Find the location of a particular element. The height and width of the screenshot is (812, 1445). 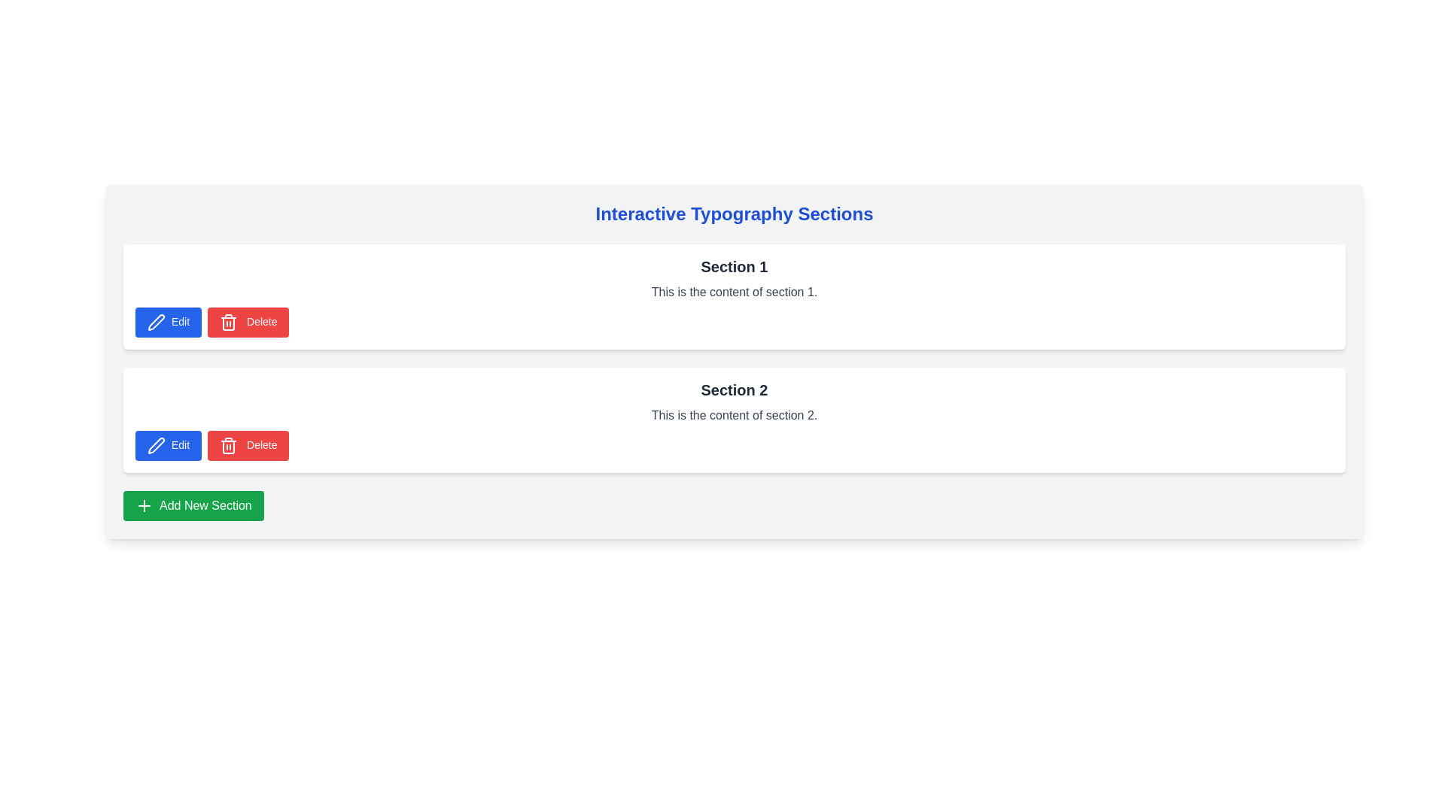

the red 'Delete' button with white text and a trash bin icon is located at coordinates (248, 445).